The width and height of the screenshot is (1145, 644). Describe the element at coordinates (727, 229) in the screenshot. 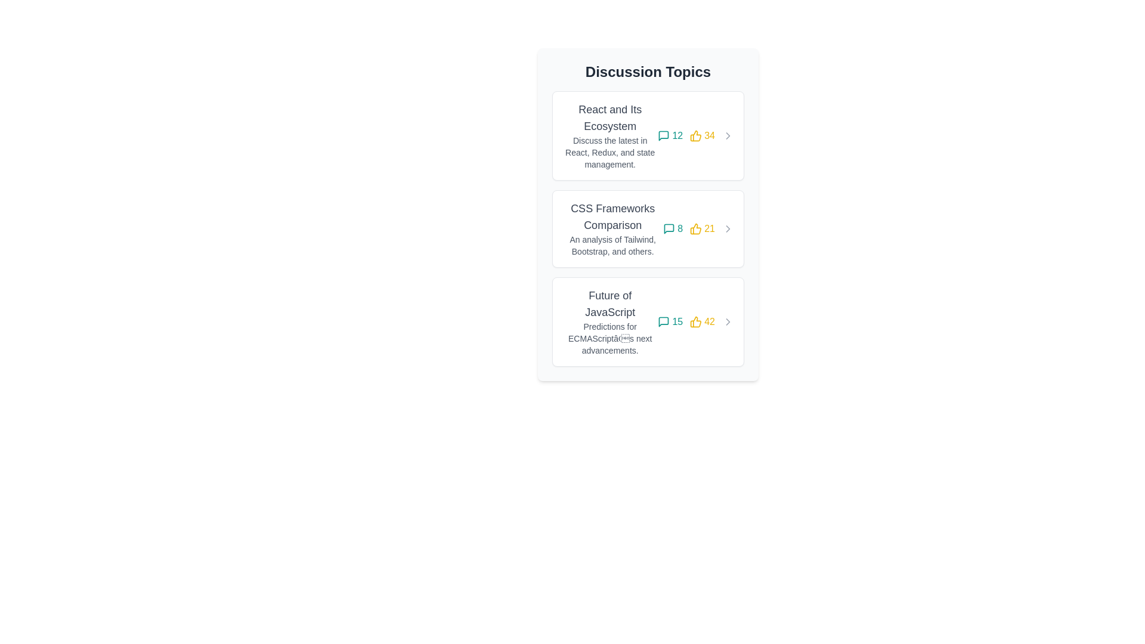

I see `the right-facing chevron icon used for navigation in the 'CSS Frameworks Comparison' row of the 'Discussion Topics' section` at that location.